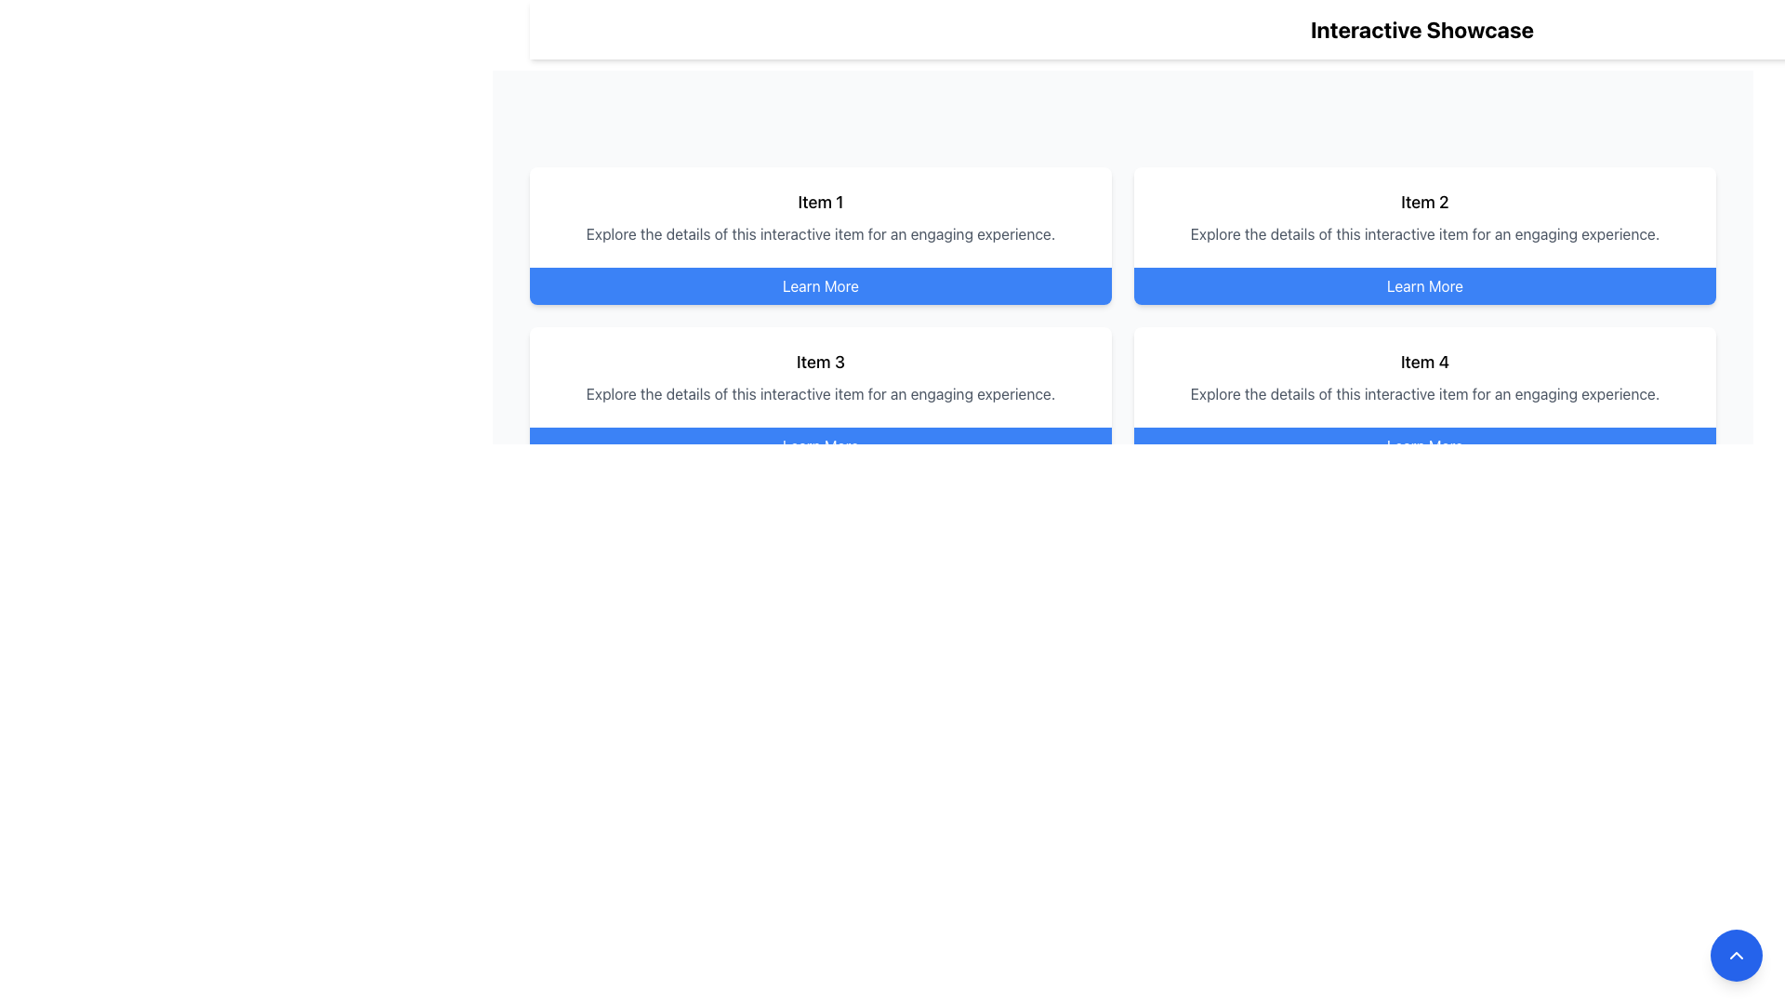 This screenshot has width=1785, height=1004. Describe the element at coordinates (820, 393) in the screenshot. I see `the text label that reads 'Explore the details of this interactive item for an engaging experience.' located above the 'Learn More' button in the lower portion of the 'Item 3' panel` at that location.